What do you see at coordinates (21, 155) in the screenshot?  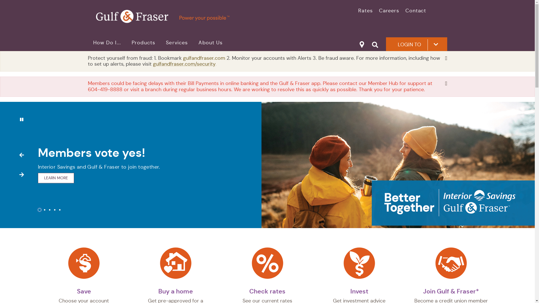 I see `'Previous'` at bounding box center [21, 155].